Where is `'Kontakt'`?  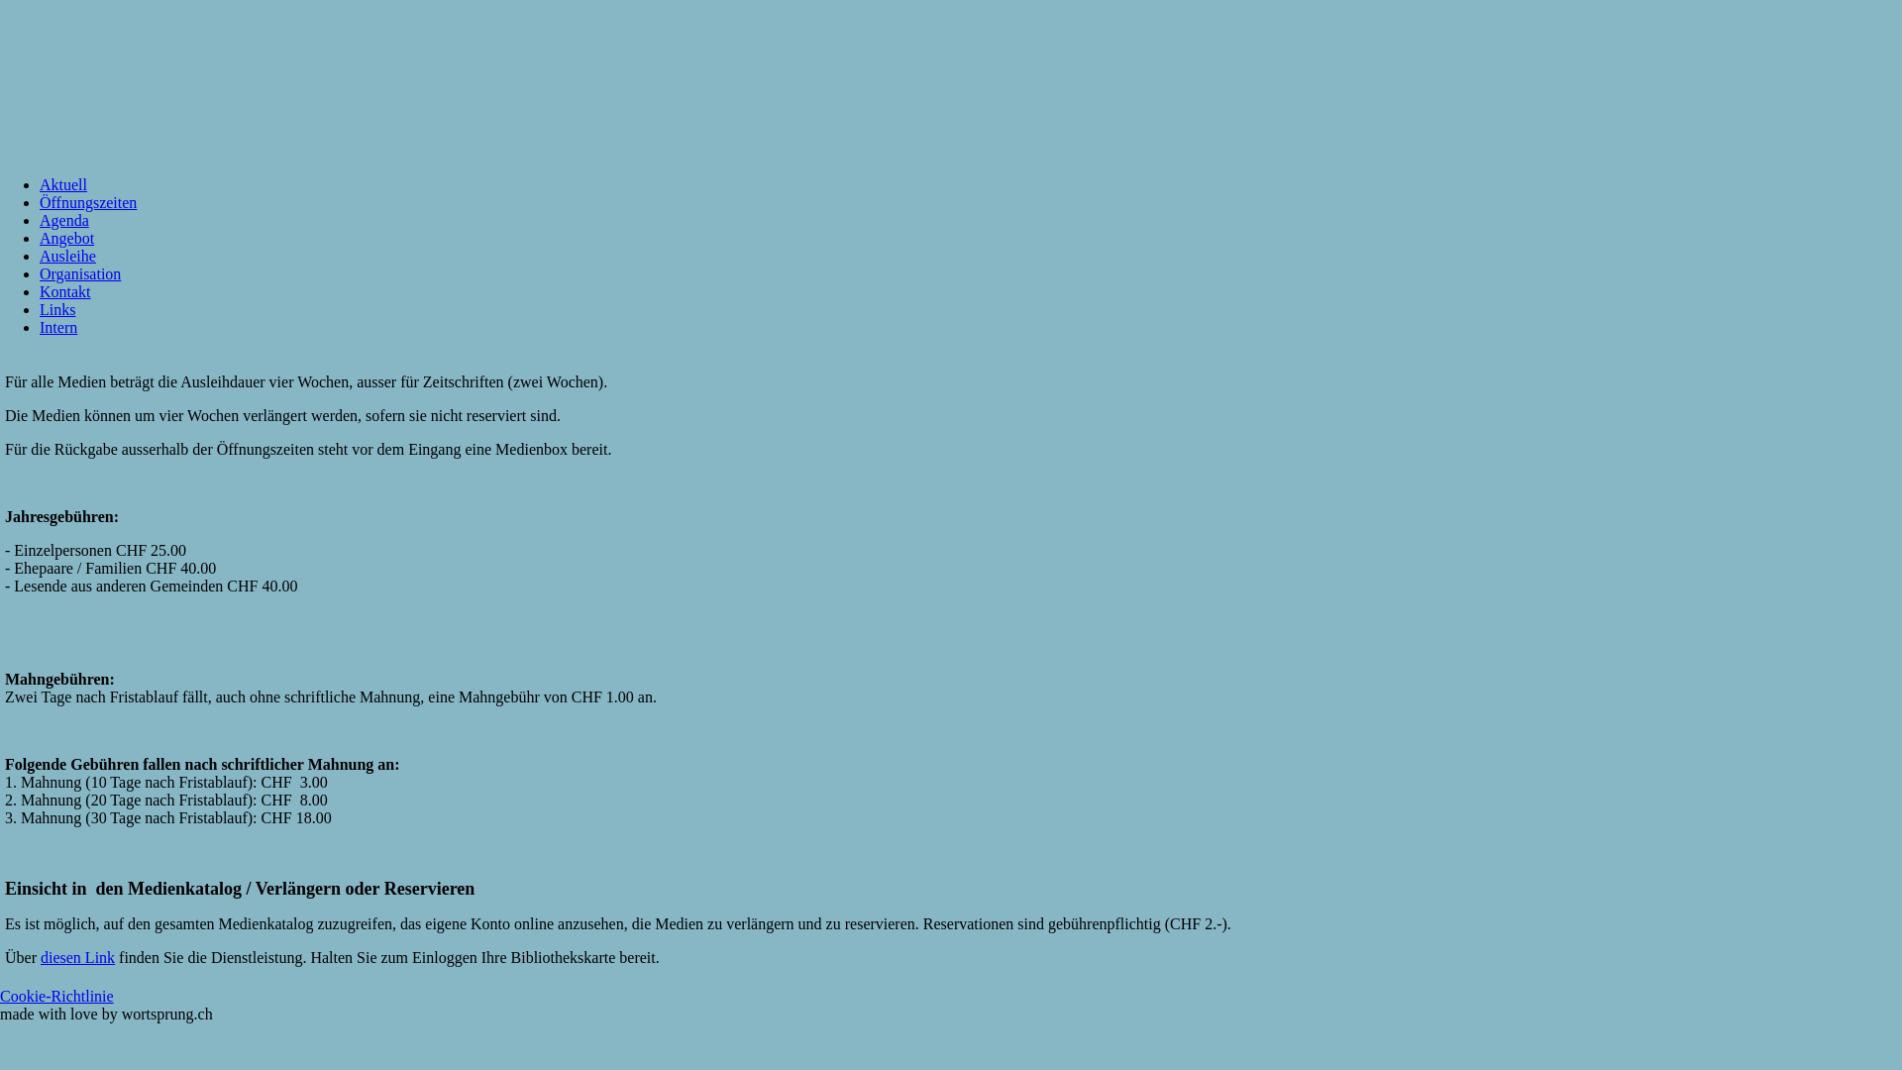
'Kontakt' is located at coordinates (65, 291).